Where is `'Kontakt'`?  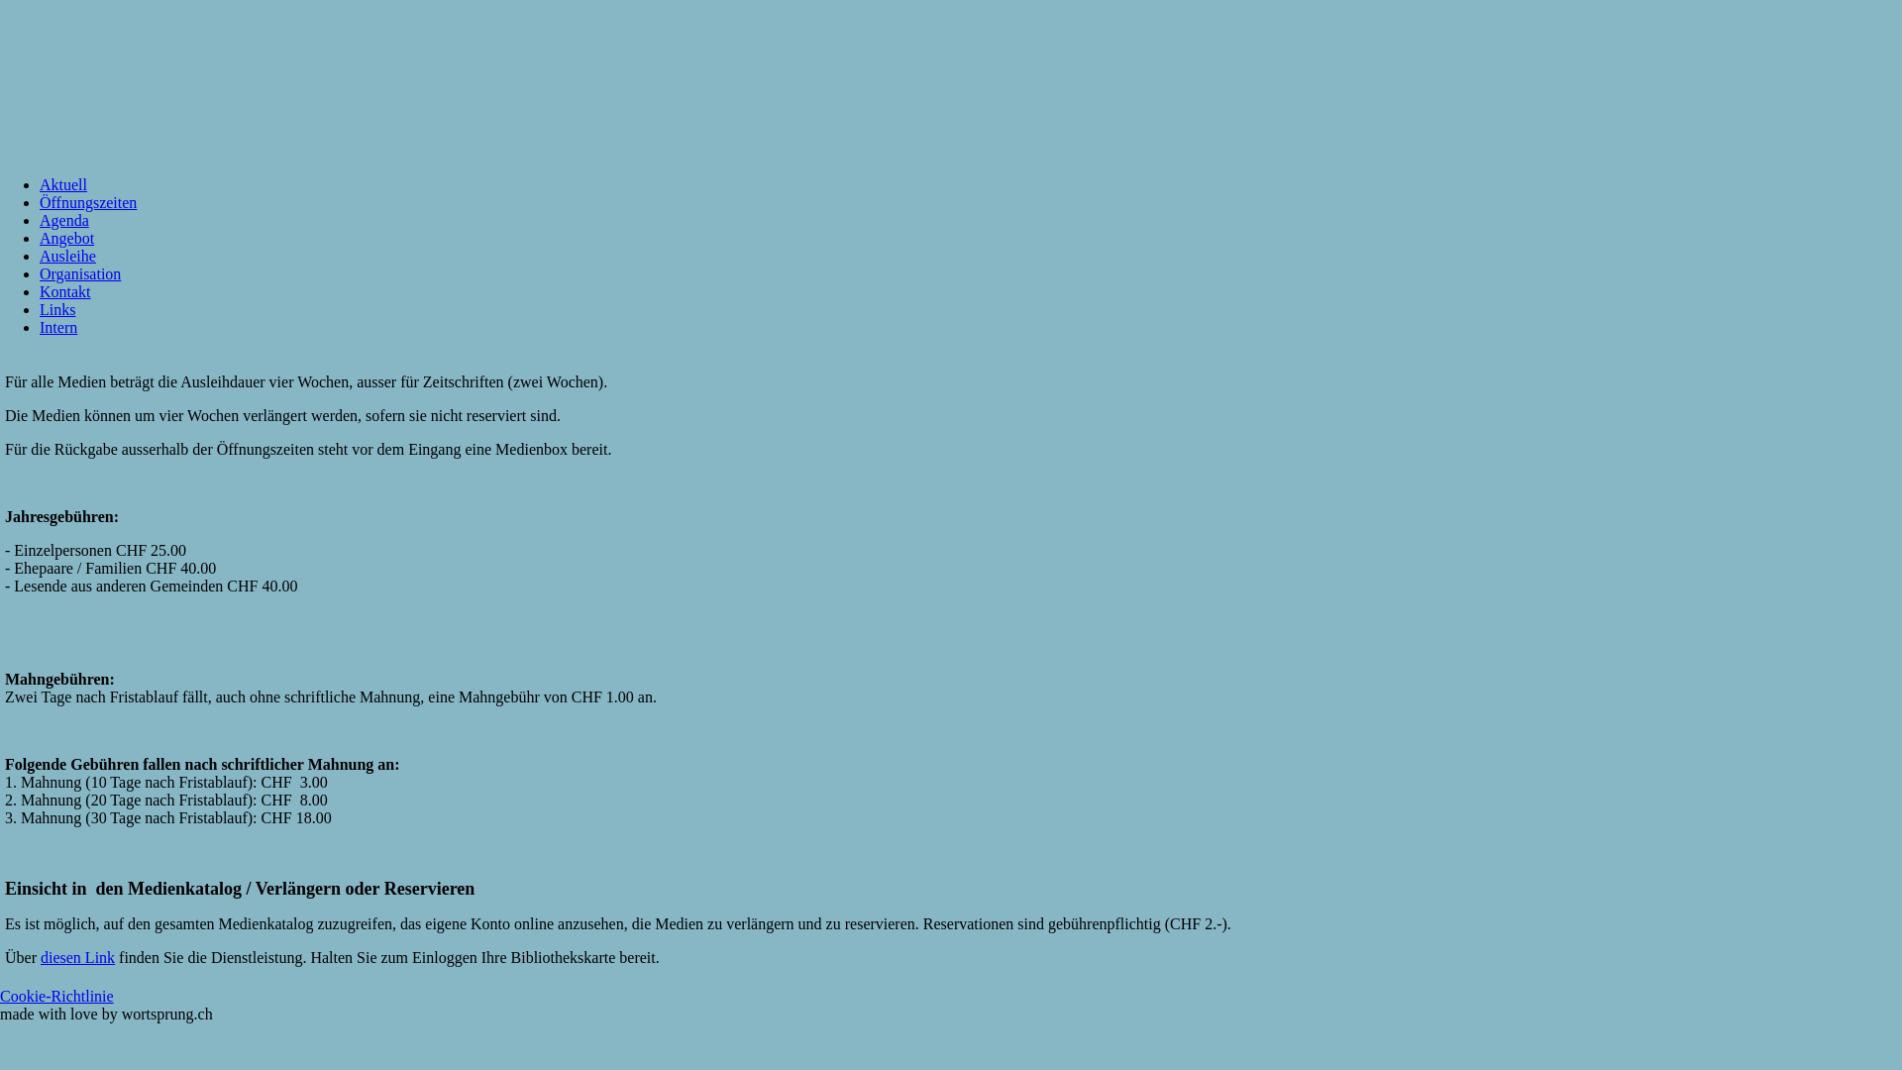
'Kontakt' is located at coordinates (65, 291).